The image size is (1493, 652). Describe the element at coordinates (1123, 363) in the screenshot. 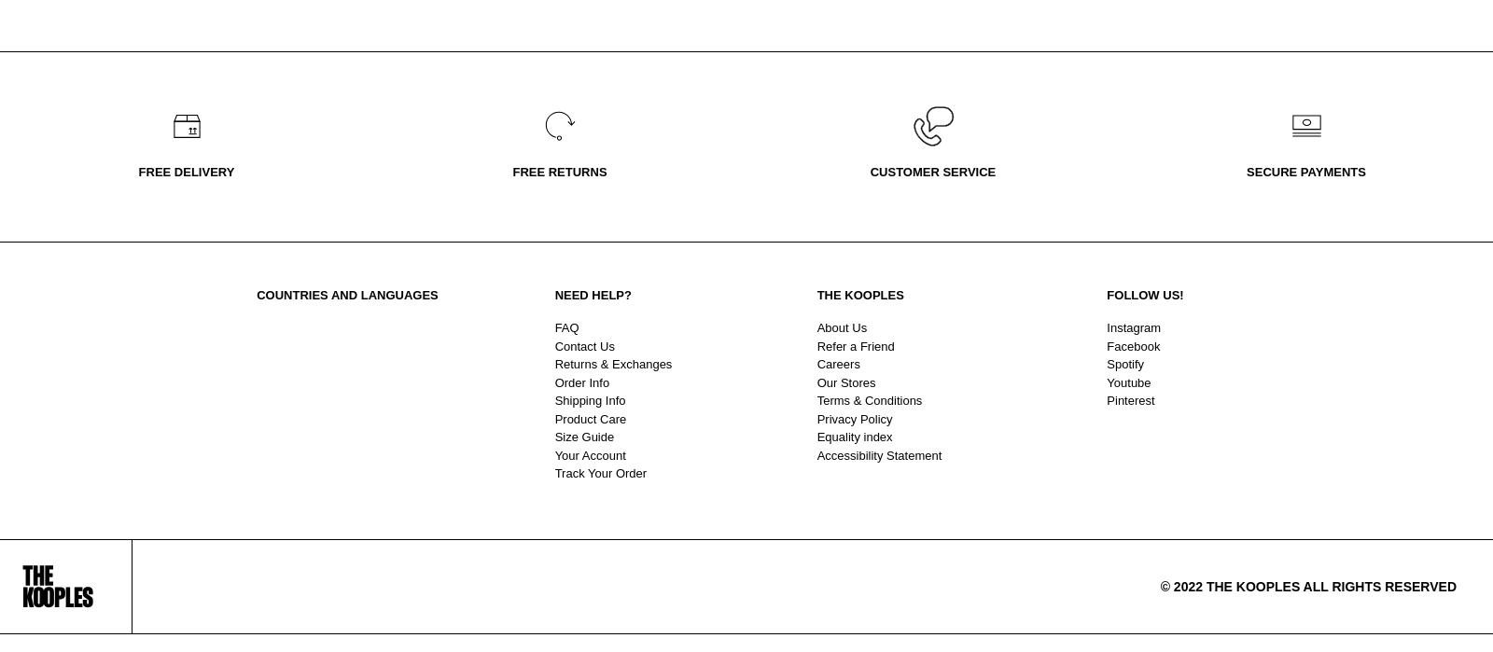

I see `'Spotify'` at that location.